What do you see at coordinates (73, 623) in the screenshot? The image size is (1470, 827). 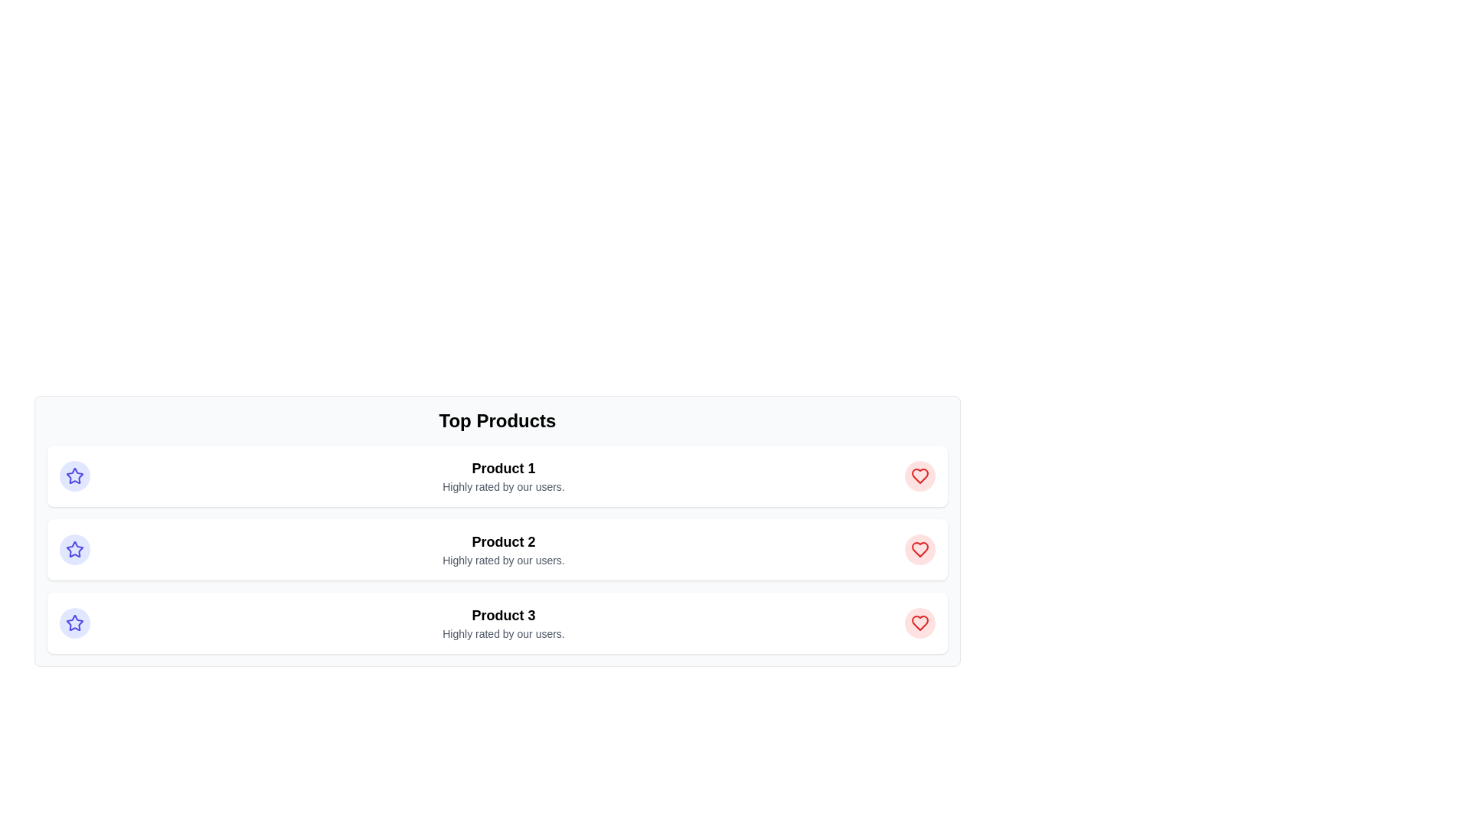 I see `the indigo star-shaped icon with rounded corners, outlined with a bold stroke and hollow center, located at the leftmost side of the third row in the 'Top Products' listing` at bounding box center [73, 623].